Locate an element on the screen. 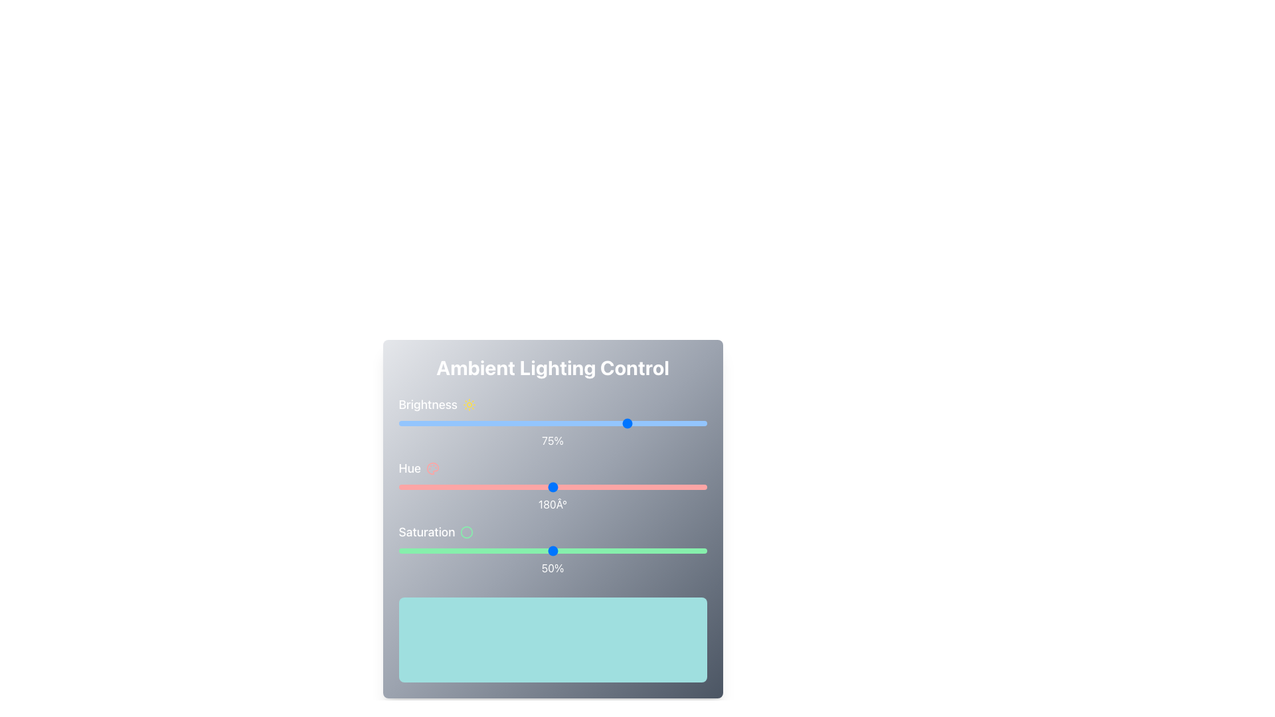 The image size is (1275, 717). the visual indicator (circle with border) that represents the 'Saturation' status in the Ambient Lighting Control interface is located at coordinates (467, 532).